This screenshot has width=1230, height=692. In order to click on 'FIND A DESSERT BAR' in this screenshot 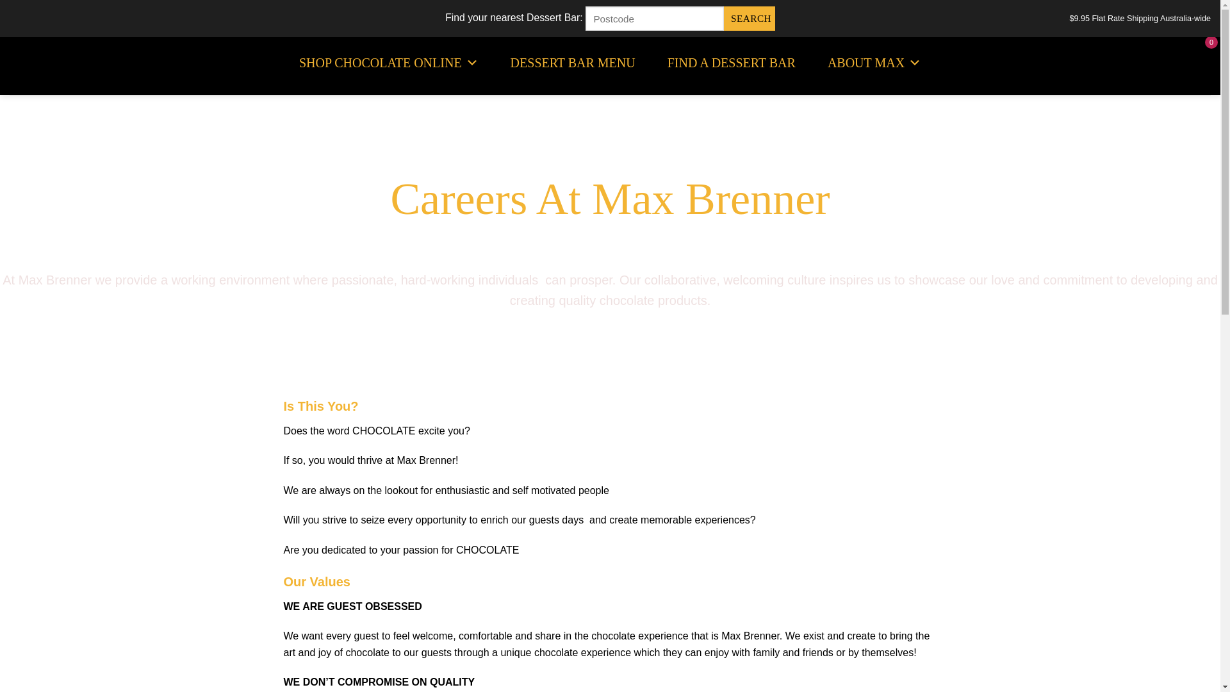, I will do `click(732, 62)`.